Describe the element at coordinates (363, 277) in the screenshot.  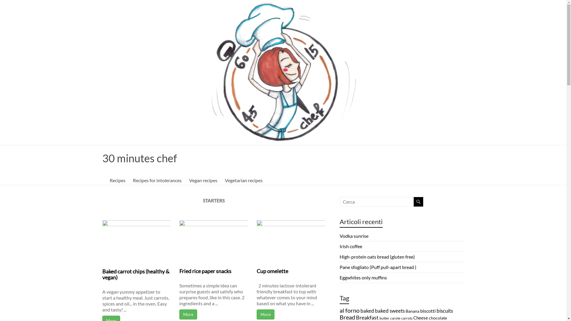
I see `'Eggwhites only muffins'` at that location.